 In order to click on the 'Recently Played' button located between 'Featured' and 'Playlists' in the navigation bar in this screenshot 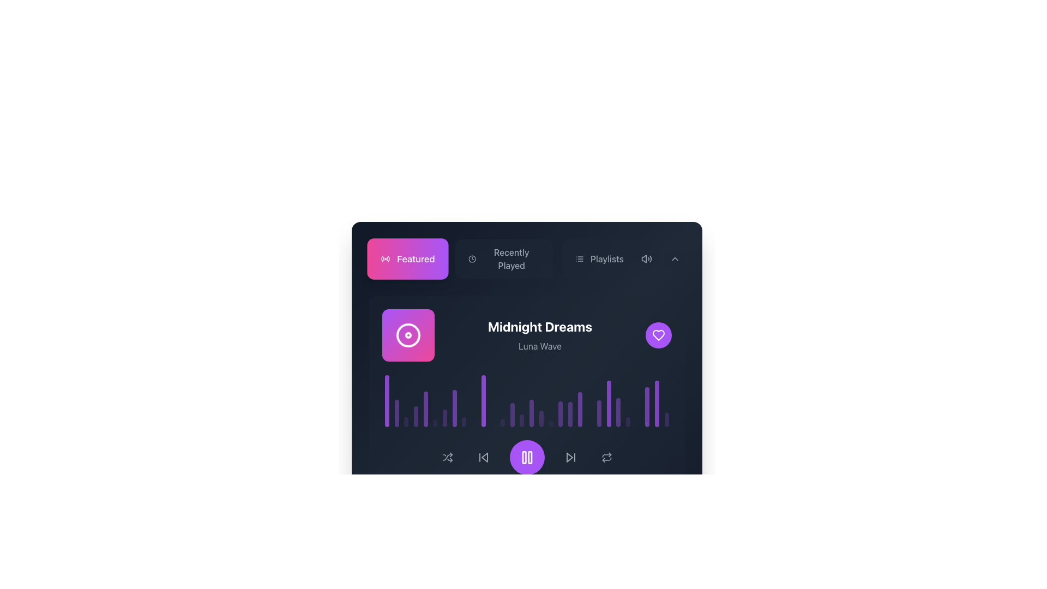, I will do `click(502, 259)`.